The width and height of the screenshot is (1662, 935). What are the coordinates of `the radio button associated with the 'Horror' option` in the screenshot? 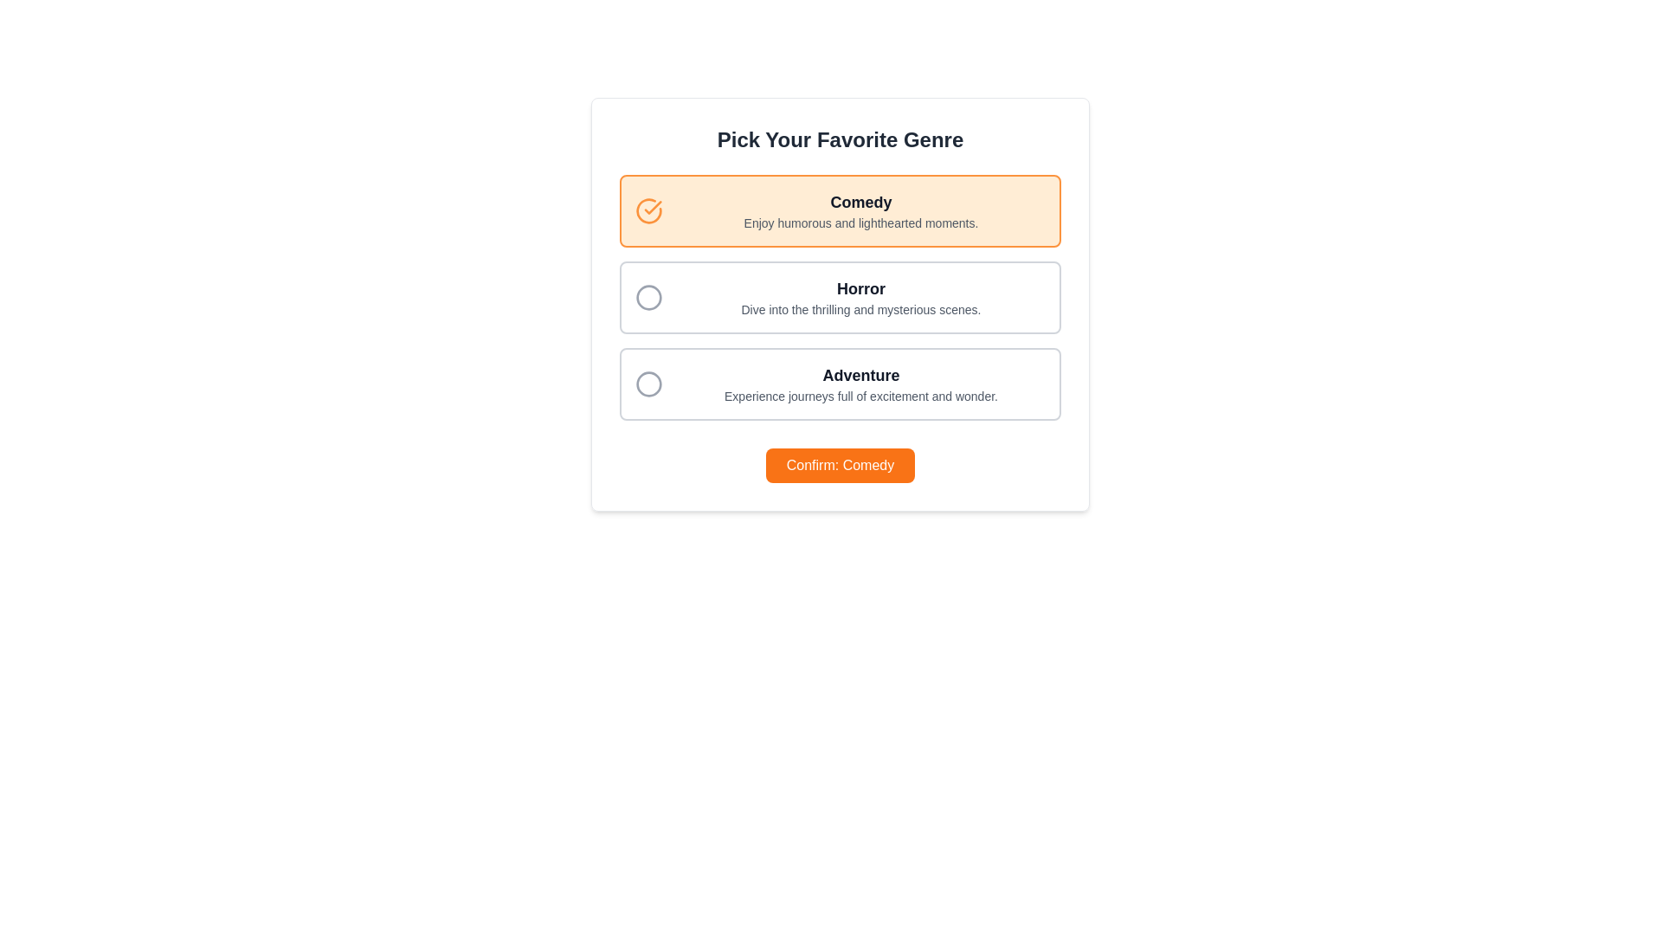 It's located at (655, 296).